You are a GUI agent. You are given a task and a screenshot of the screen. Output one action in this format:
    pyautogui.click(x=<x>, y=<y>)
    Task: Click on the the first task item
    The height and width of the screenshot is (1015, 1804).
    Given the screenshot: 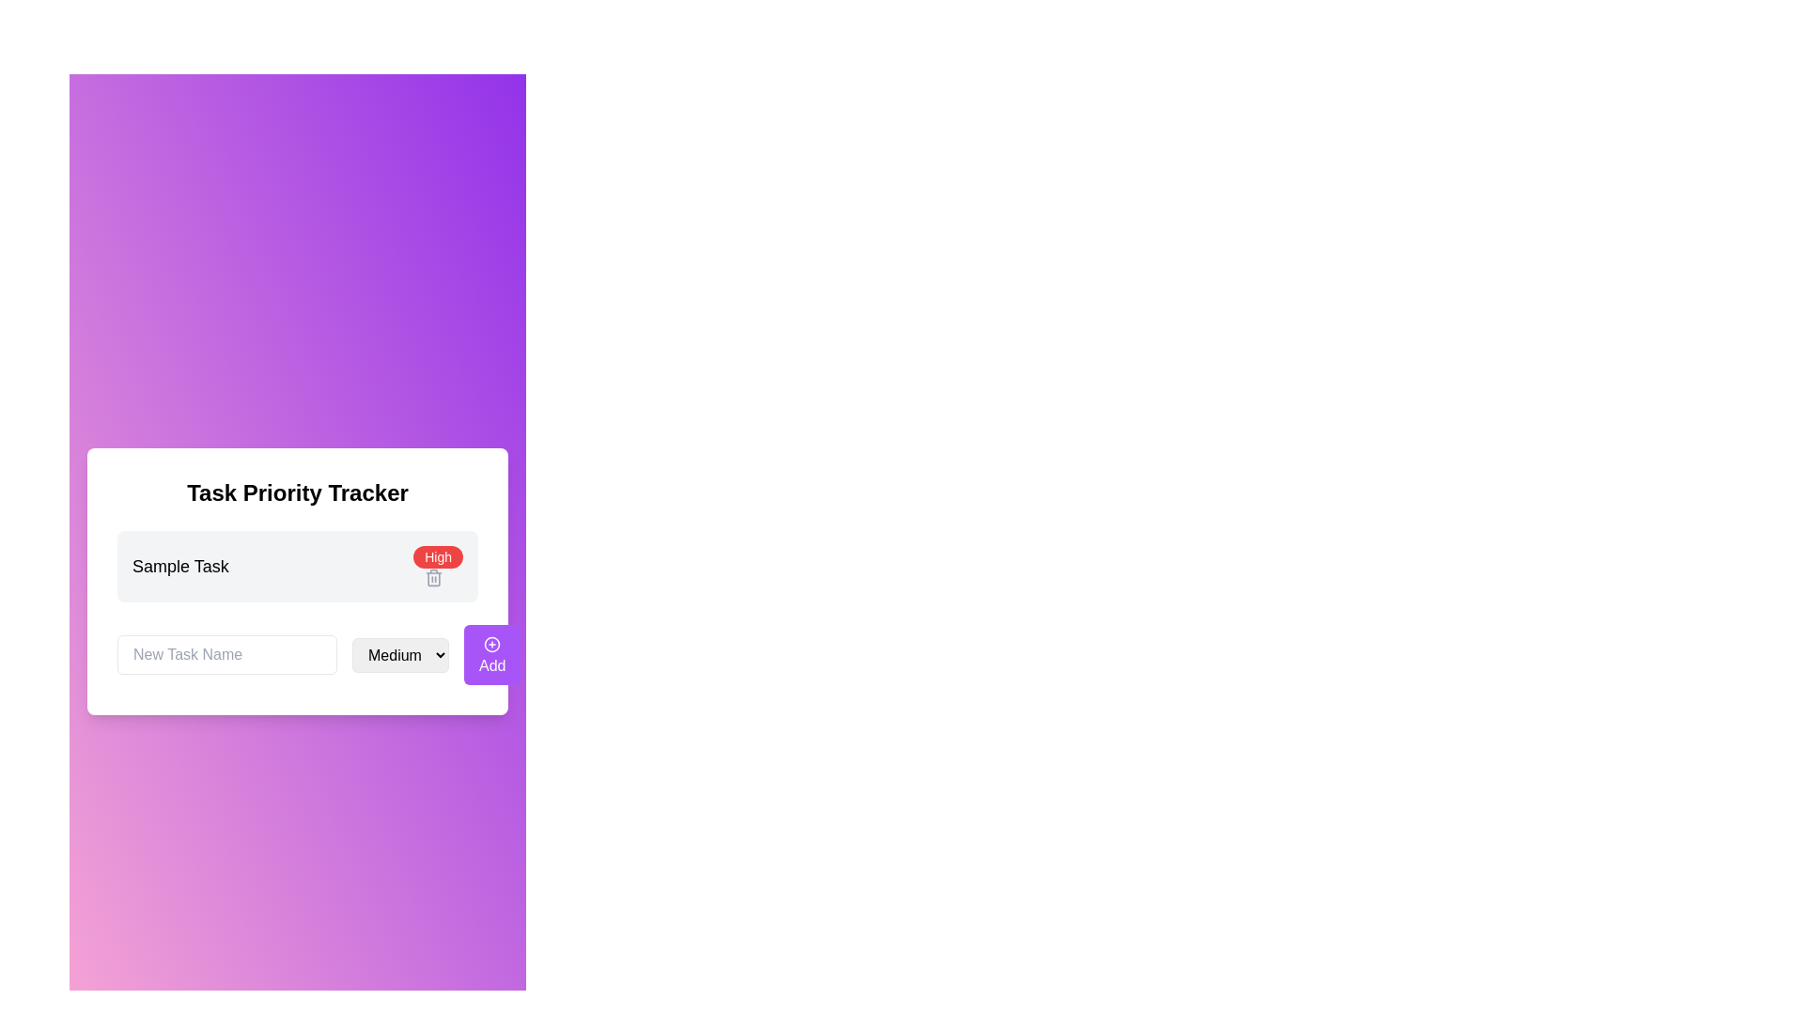 What is the action you would take?
    pyautogui.click(x=296, y=565)
    